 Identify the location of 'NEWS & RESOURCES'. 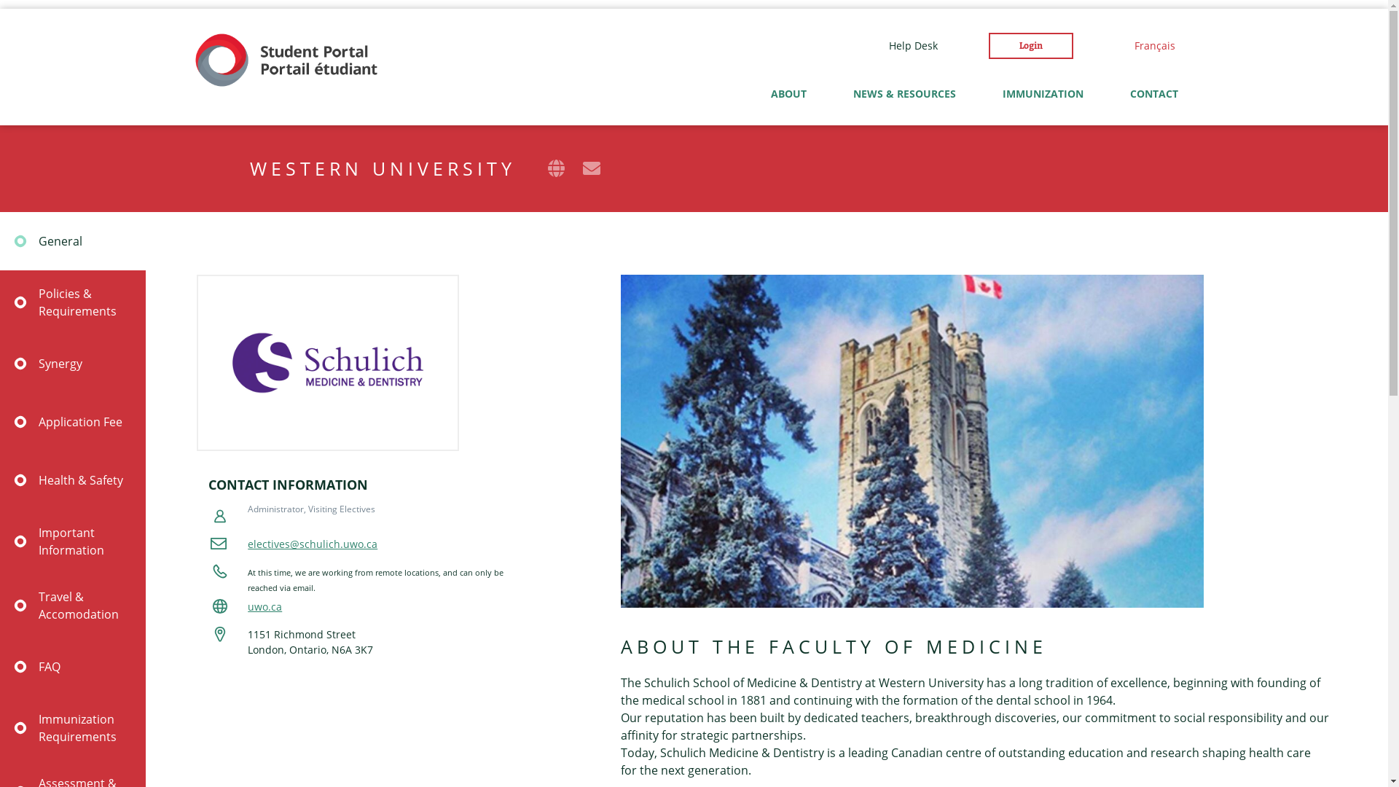
(903, 93).